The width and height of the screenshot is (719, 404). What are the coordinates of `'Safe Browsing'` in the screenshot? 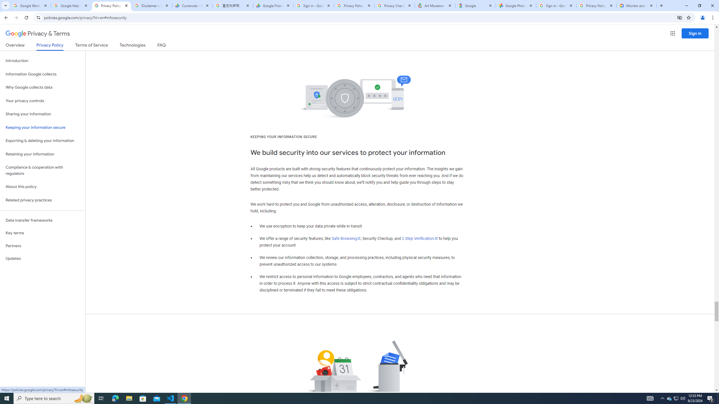 It's located at (346, 238).